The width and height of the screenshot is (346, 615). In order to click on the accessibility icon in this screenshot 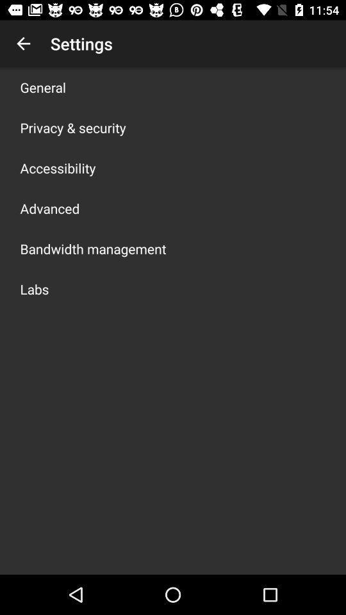, I will do `click(57, 167)`.